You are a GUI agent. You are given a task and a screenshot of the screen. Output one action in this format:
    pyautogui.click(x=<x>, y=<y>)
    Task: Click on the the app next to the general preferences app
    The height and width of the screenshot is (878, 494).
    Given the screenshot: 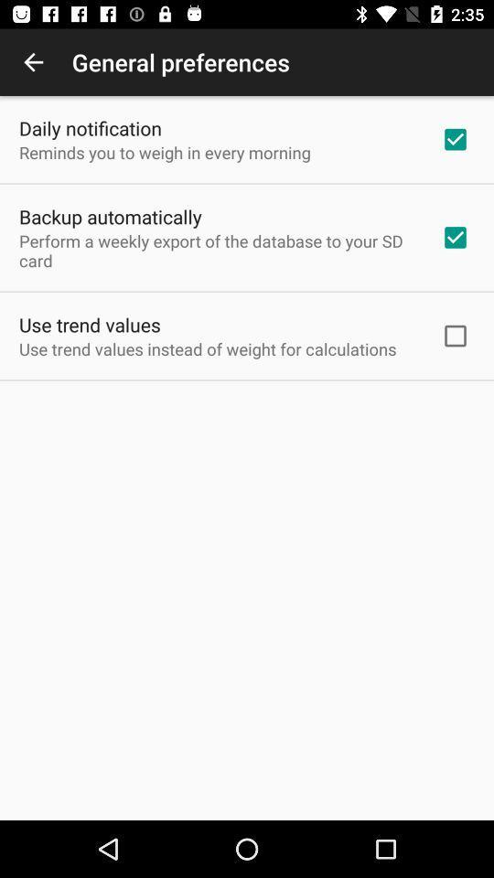 What is the action you would take?
    pyautogui.click(x=33, y=62)
    